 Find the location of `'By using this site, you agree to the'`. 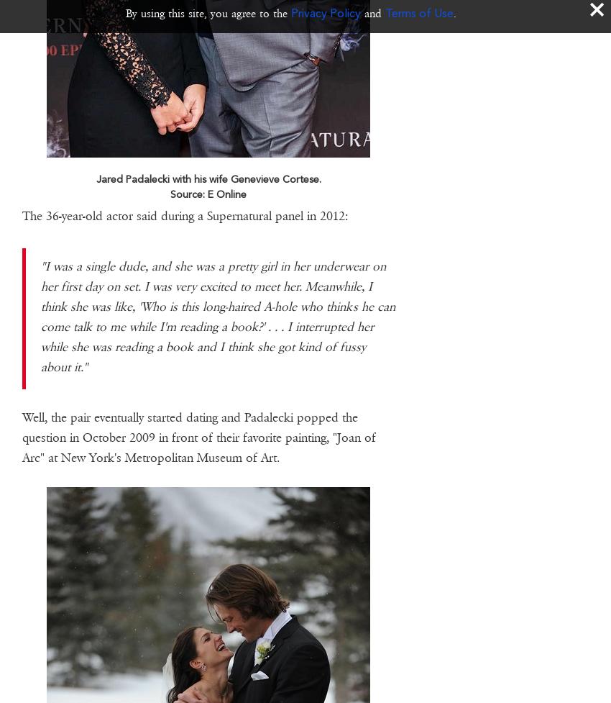

'By using this site, you agree to the' is located at coordinates (125, 13).